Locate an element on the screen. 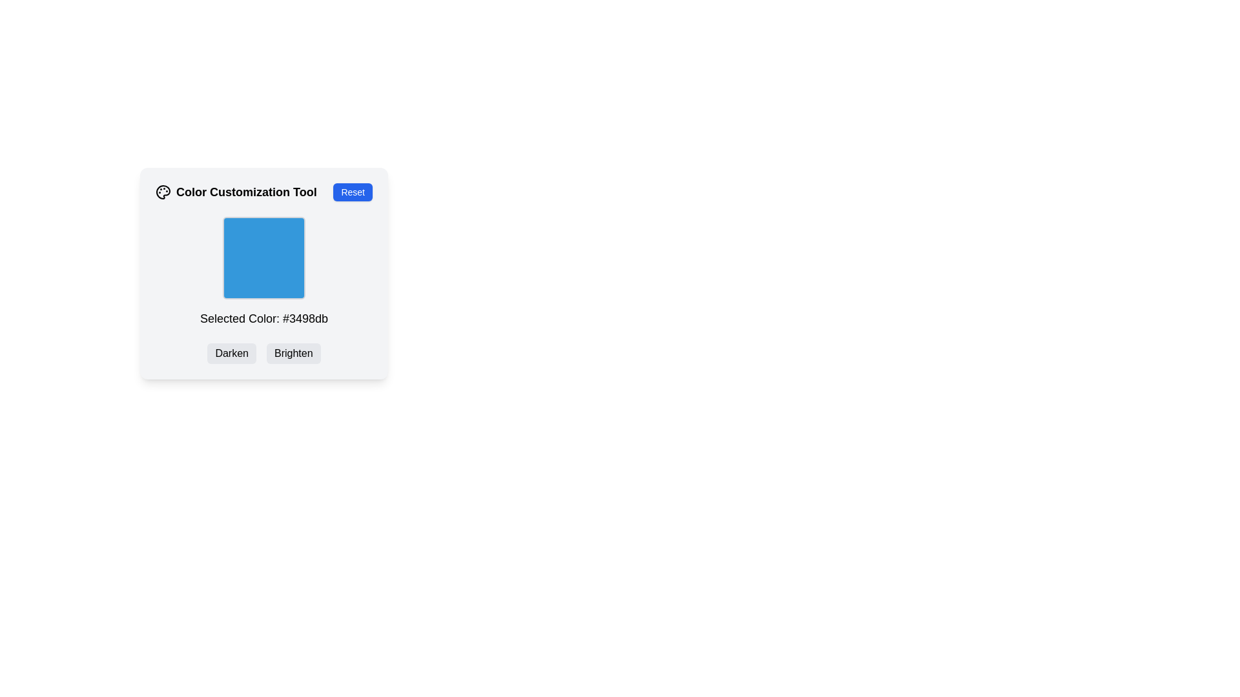 This screenshot has height=697, width=1240. the 'Reset' button with a blue background and white text located in the top-right corner of the Color Customization Tool panel to reset the settings is located at coordinates (353, 192).